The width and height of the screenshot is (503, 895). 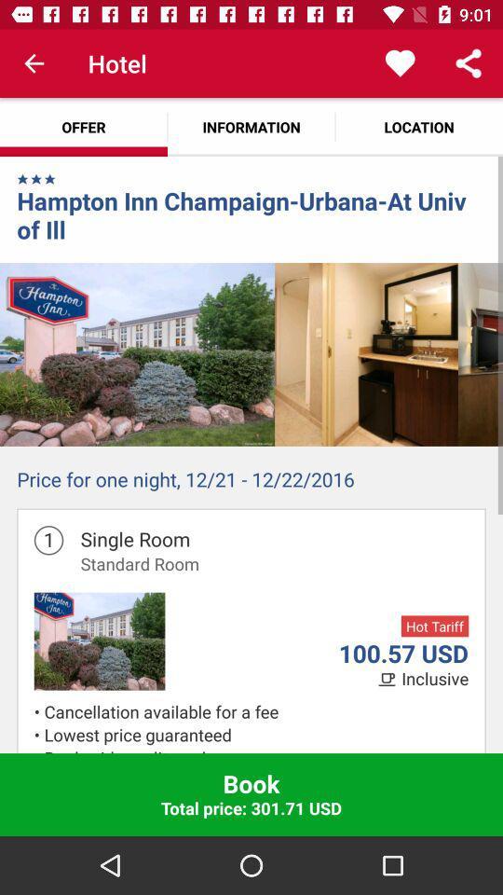 What do you see at coordinates (139, 562) in the screenshot?
I see `the standard room icon` at bounding box center [139, 562].